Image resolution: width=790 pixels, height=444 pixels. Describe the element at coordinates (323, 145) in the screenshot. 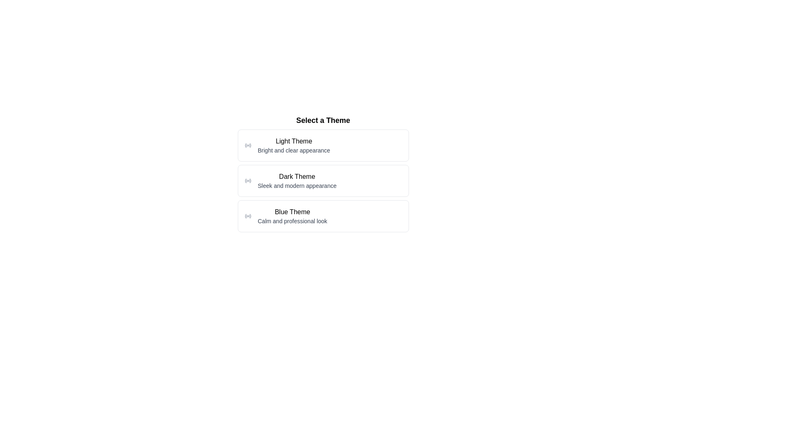

I see `the 'Light Theme' radio button in the theme selection UI, which is part of a group of selectable options allowing only one choice at a time` at that location.